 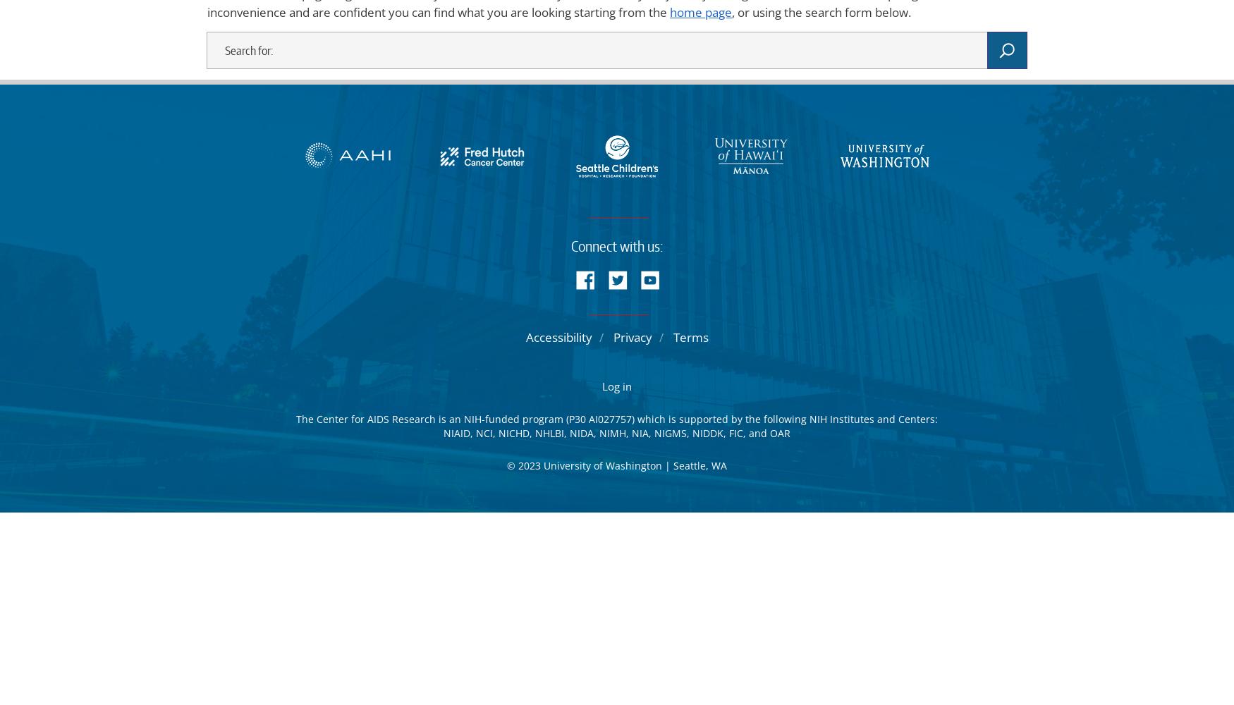 I want to click on 'Terms', so click(x=690, y=336).